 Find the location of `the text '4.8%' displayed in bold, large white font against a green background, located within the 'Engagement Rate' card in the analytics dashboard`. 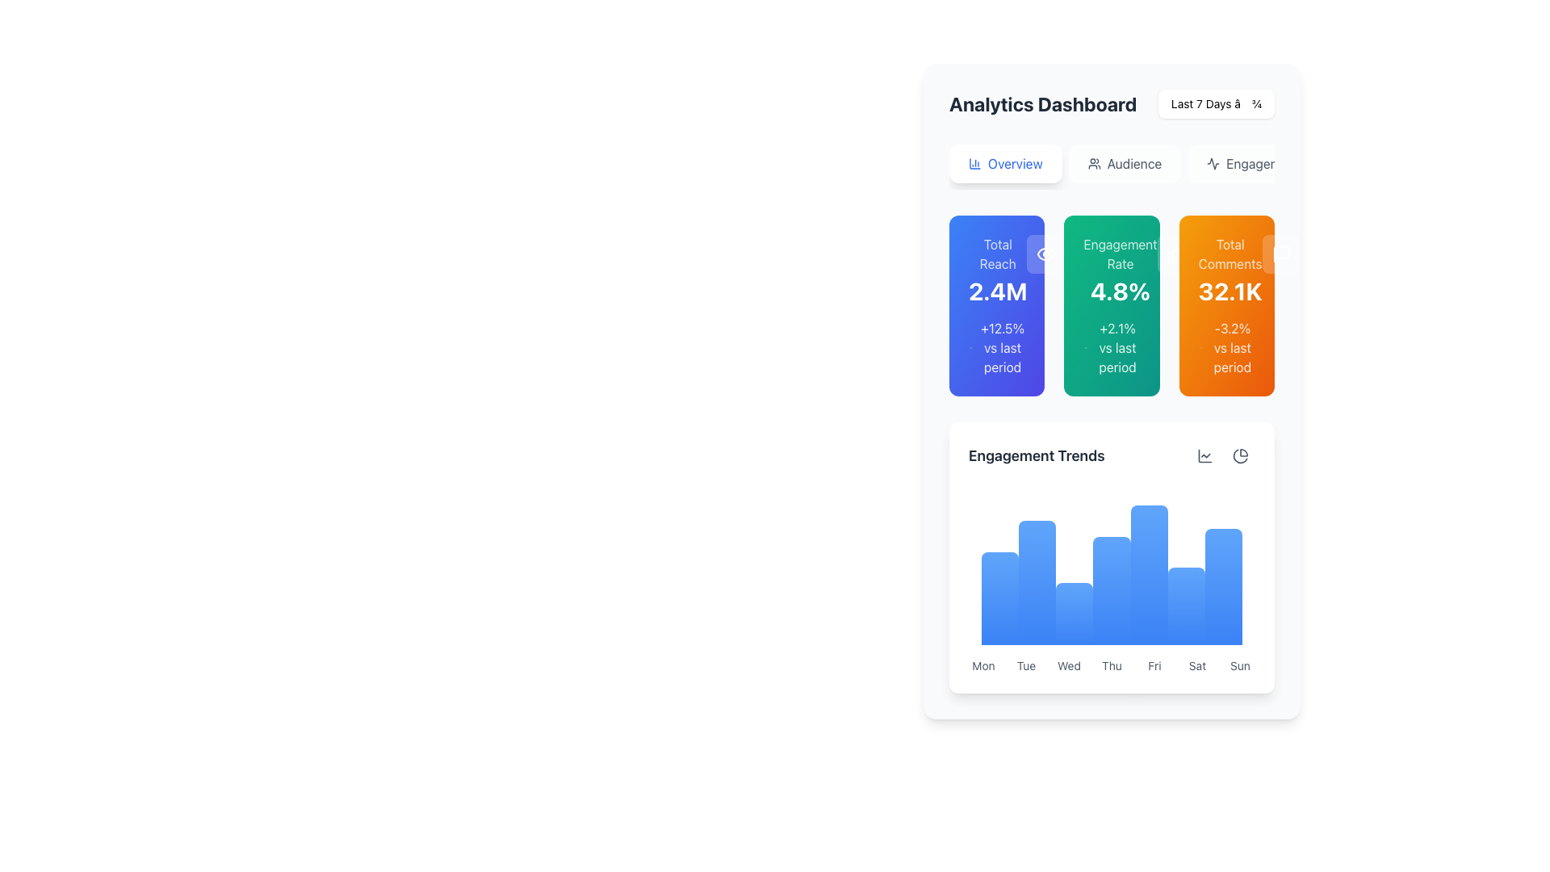

the text '4.8%' displayed in bold, large white font against a green background, located within the 'Engagement Rate' card in the analytics dashboard is located at coordinates (1119, 291).